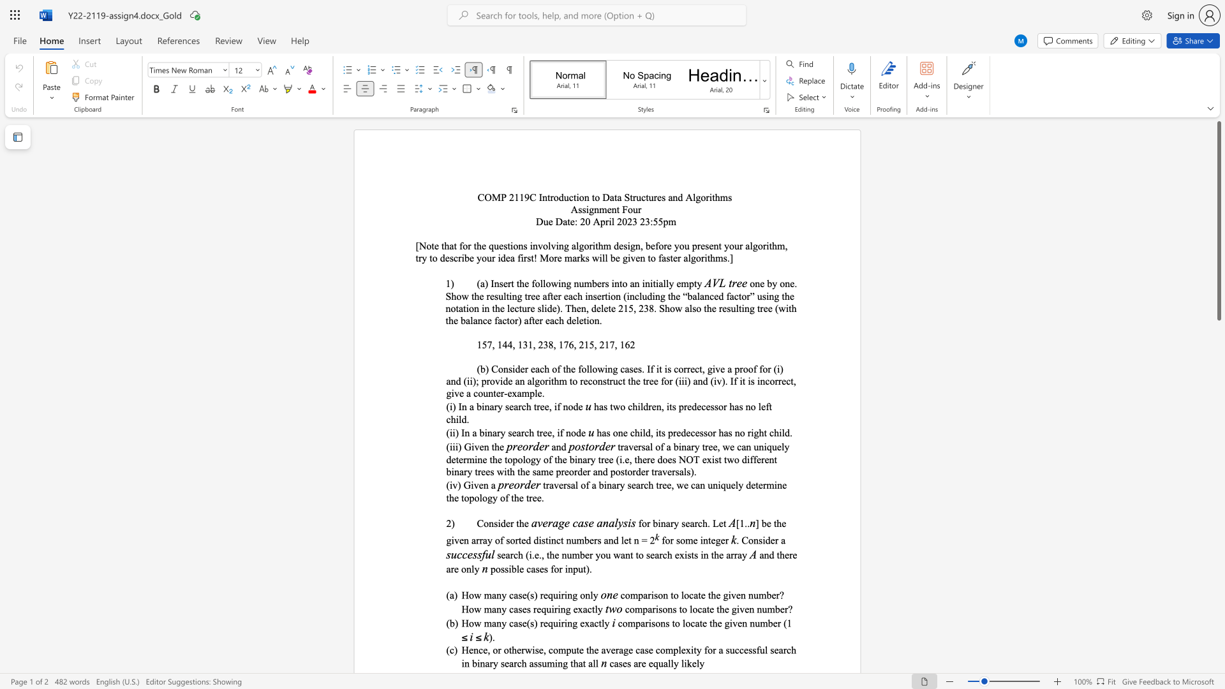 The image size is (1225, 689). What do you see at coordinates (1218, 408) in the screenshot?
I see `the side scrollbar to bring the page down` at bounding box center [1218, 408].